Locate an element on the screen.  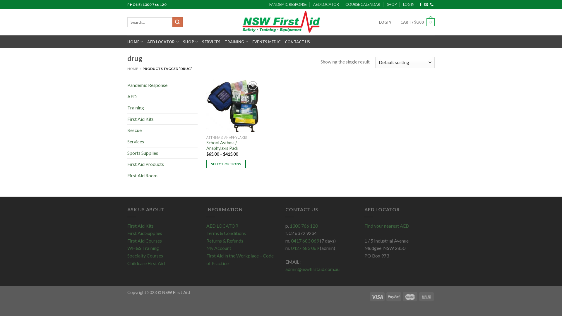
'HOME' is located at coordinates (132, 68).